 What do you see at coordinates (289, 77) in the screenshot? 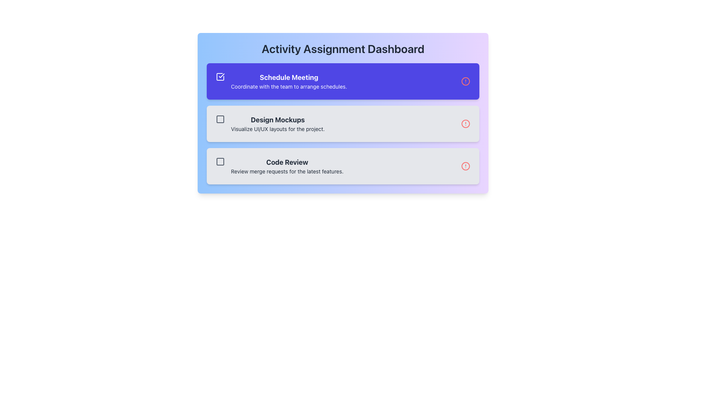
I see `the title text label of the first task item in the activity dashboard, which is located at the top of the first entry card and is part of a purple-colored section` at bounding box center [289, 77].